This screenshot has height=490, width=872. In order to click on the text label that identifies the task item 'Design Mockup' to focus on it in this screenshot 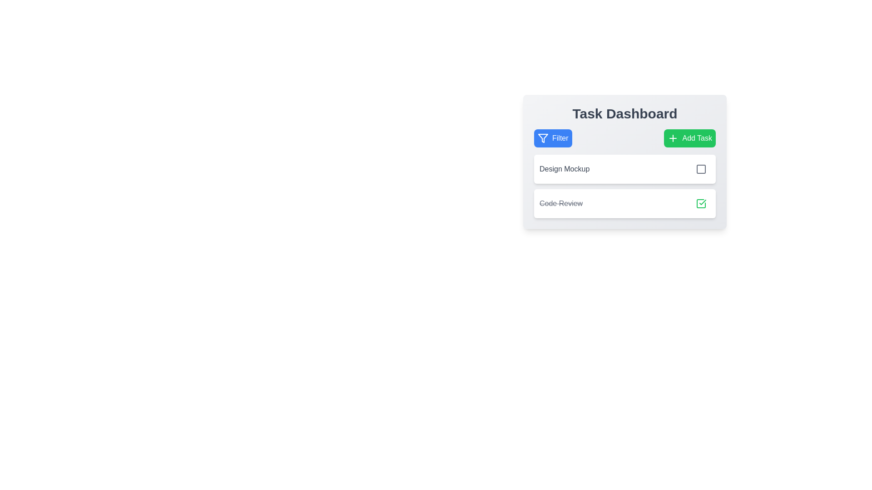, I will do `click(564, 169)`.